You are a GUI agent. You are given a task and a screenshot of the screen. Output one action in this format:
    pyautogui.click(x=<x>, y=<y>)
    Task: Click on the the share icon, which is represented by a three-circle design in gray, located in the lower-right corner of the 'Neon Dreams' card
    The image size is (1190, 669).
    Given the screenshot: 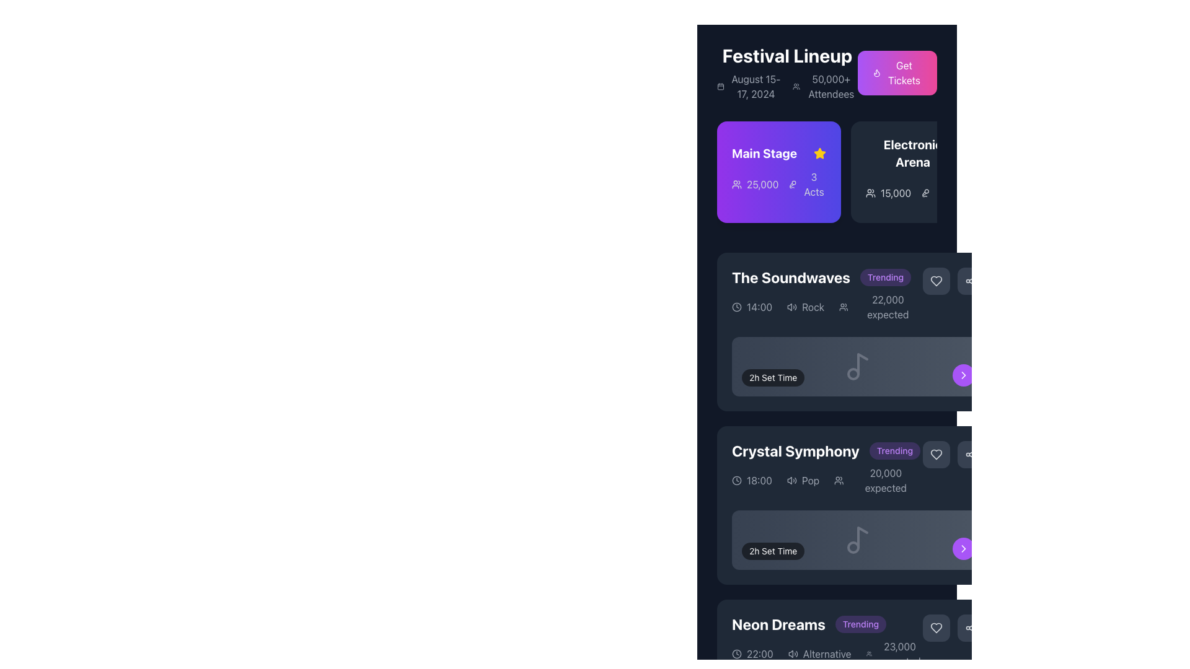 What is the action you would take?
    pyautogui.click(x=970, y=628)
    